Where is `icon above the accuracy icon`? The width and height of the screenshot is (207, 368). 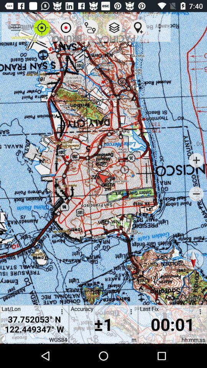 icon above the accuracy icon is located at coordinates (90, 28).